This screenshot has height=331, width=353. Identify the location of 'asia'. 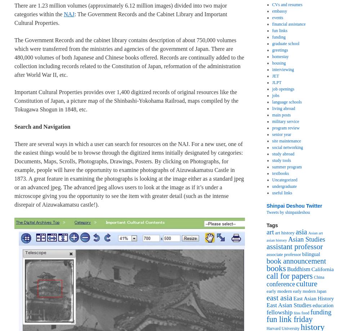
(295, 231).